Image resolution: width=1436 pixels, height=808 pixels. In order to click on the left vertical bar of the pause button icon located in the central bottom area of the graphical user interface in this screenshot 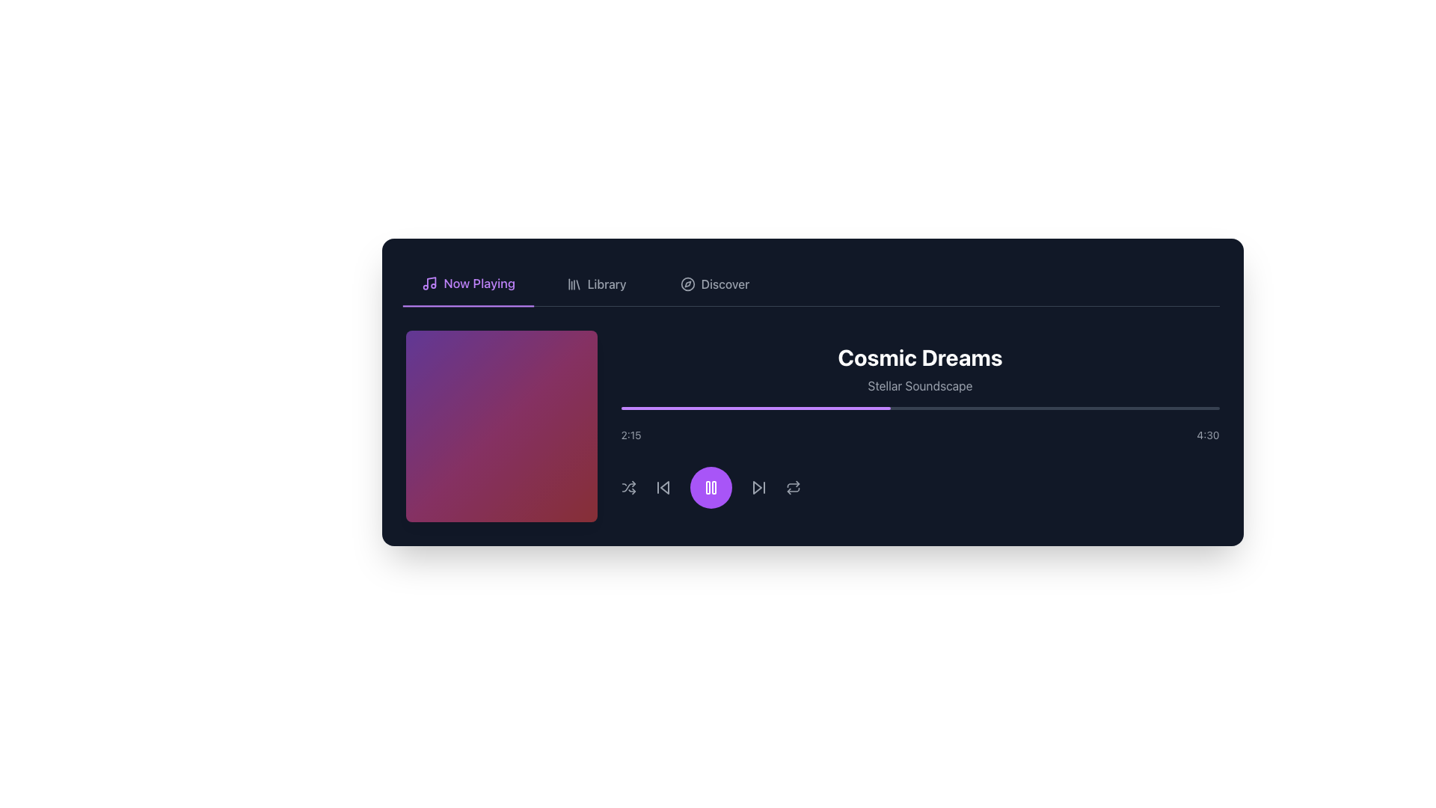, I will do `click(707, 487)`.